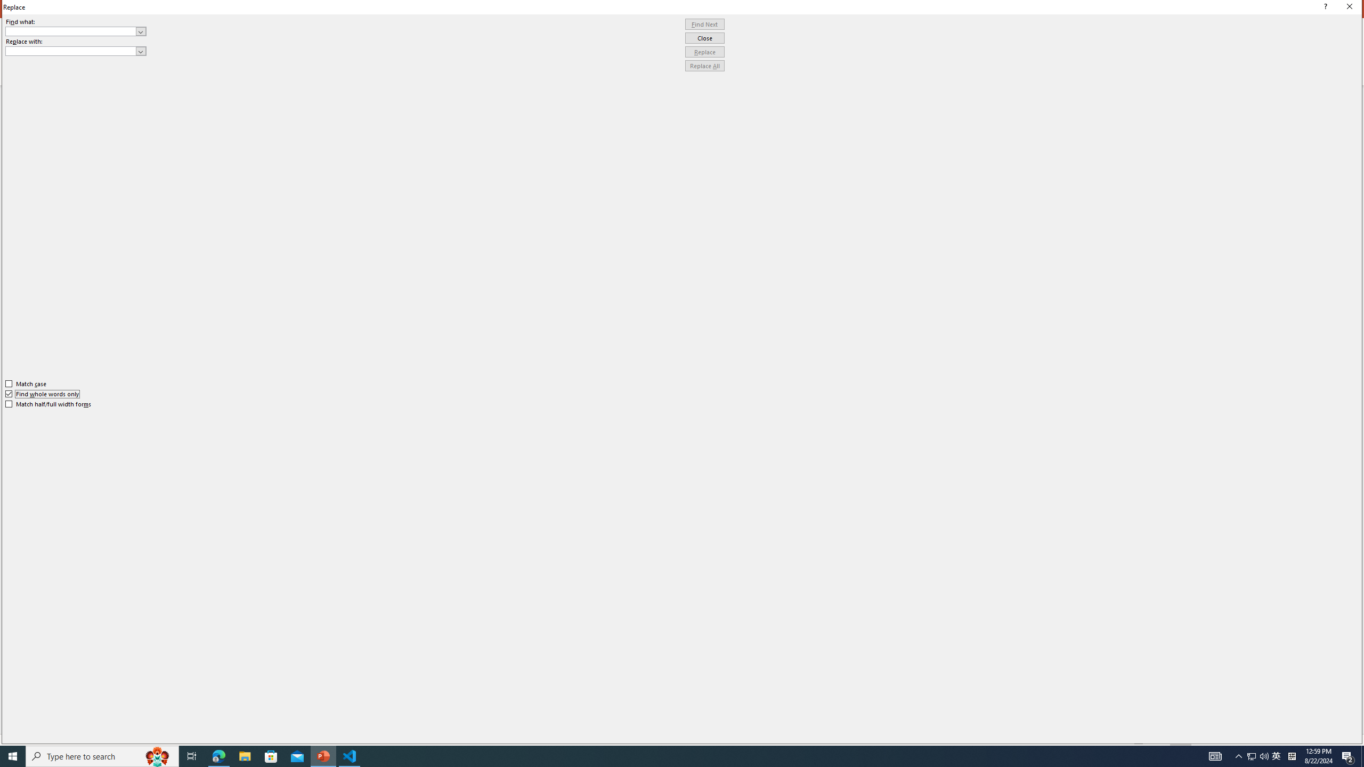 This screenshot has width=1364, height=767. What do you see at coordinates (76, 31) in the screenshot?
I see `'Find what'` at bounding box center [76, 31].